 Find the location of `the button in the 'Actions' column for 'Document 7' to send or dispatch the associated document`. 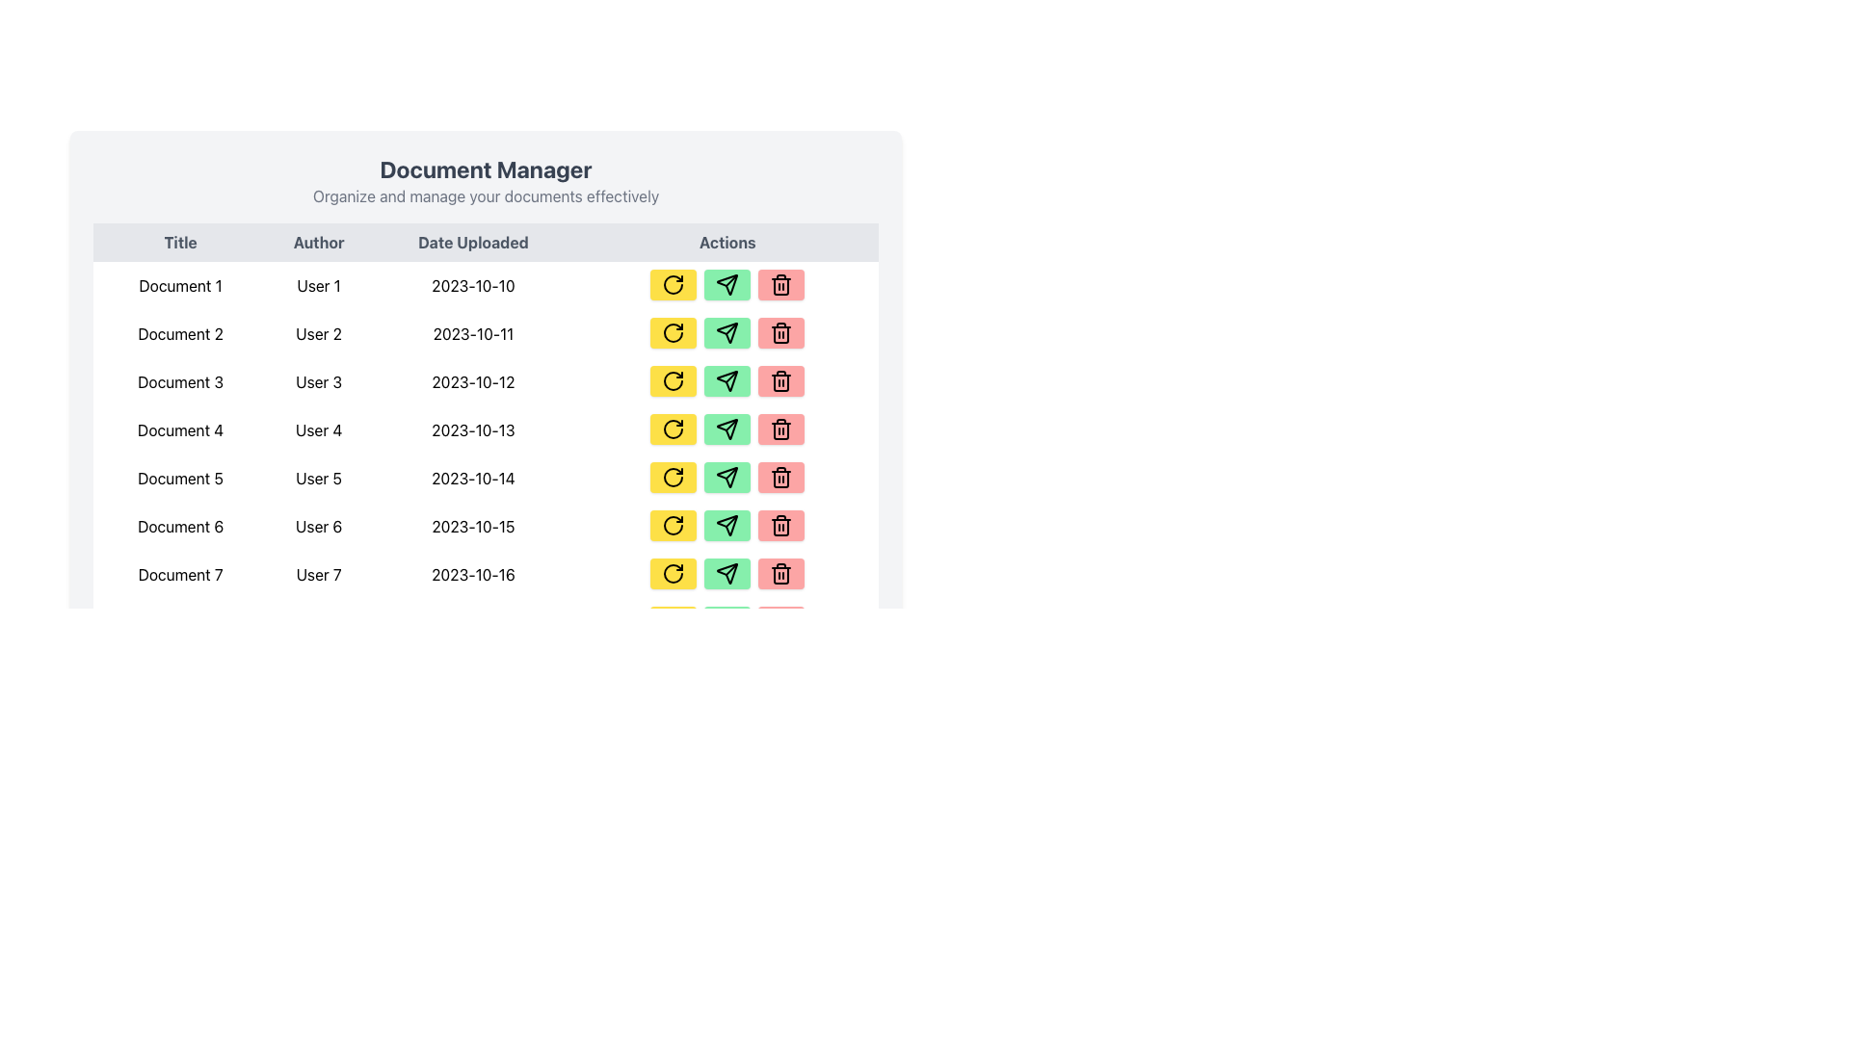

the button in the 'Actions' column for 'Document 7' to send or dispatch the associated document is located at coordinates (727, 574).